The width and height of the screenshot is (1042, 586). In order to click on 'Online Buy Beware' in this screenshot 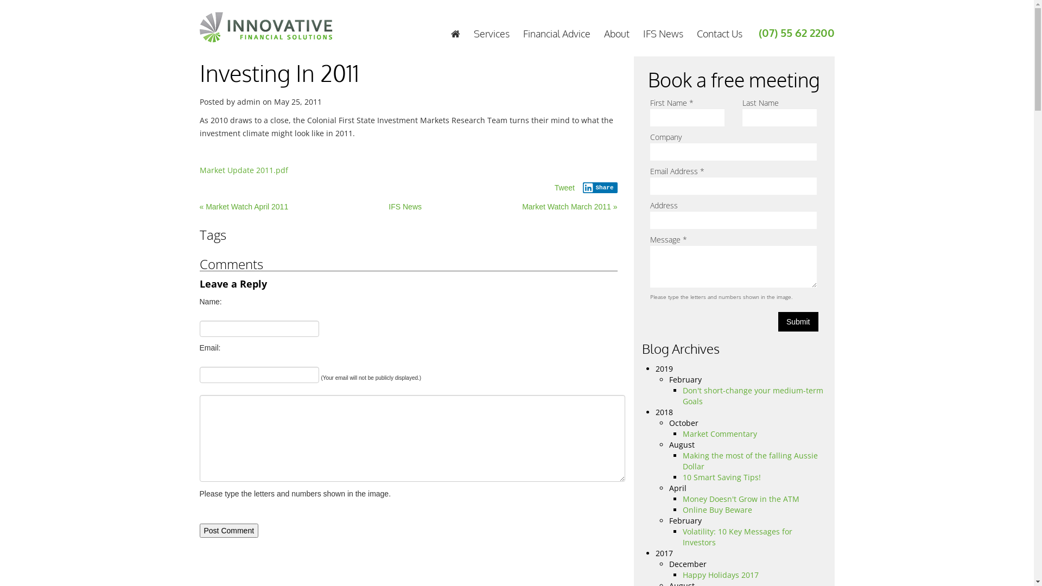, I will do `click(717, 509)`.